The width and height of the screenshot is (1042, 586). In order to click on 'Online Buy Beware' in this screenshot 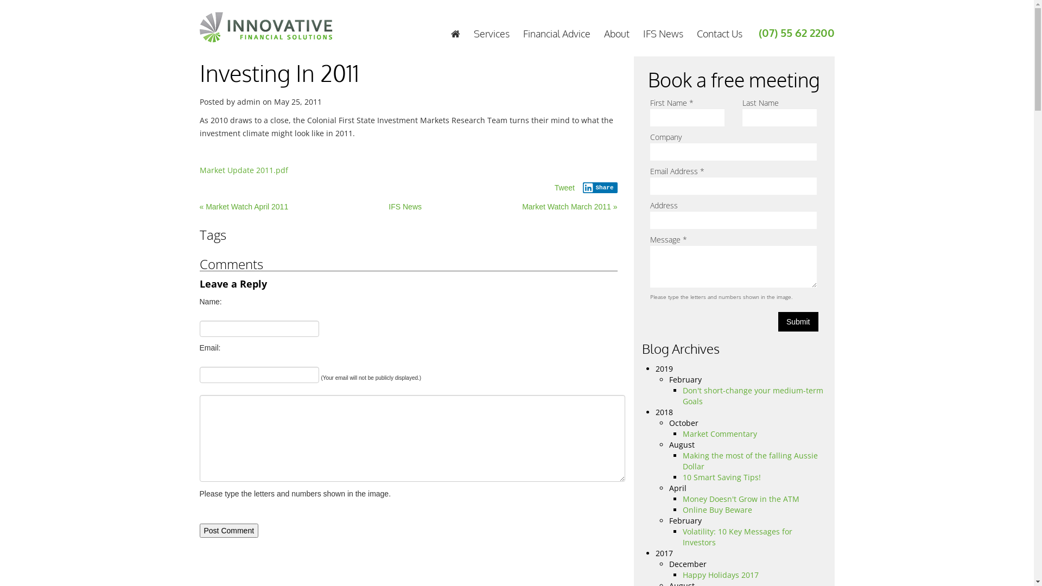, I will do `click(717, 509)`.